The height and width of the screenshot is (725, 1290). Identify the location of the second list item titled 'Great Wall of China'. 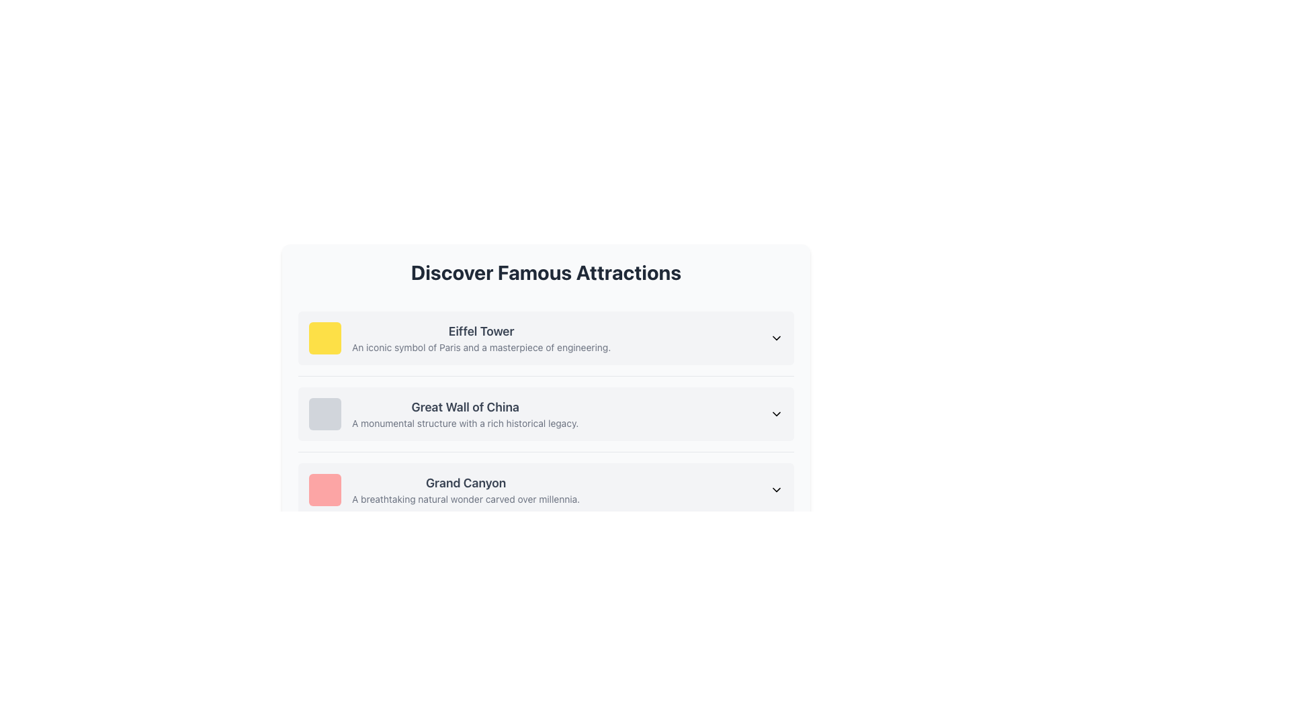
(546, 413).